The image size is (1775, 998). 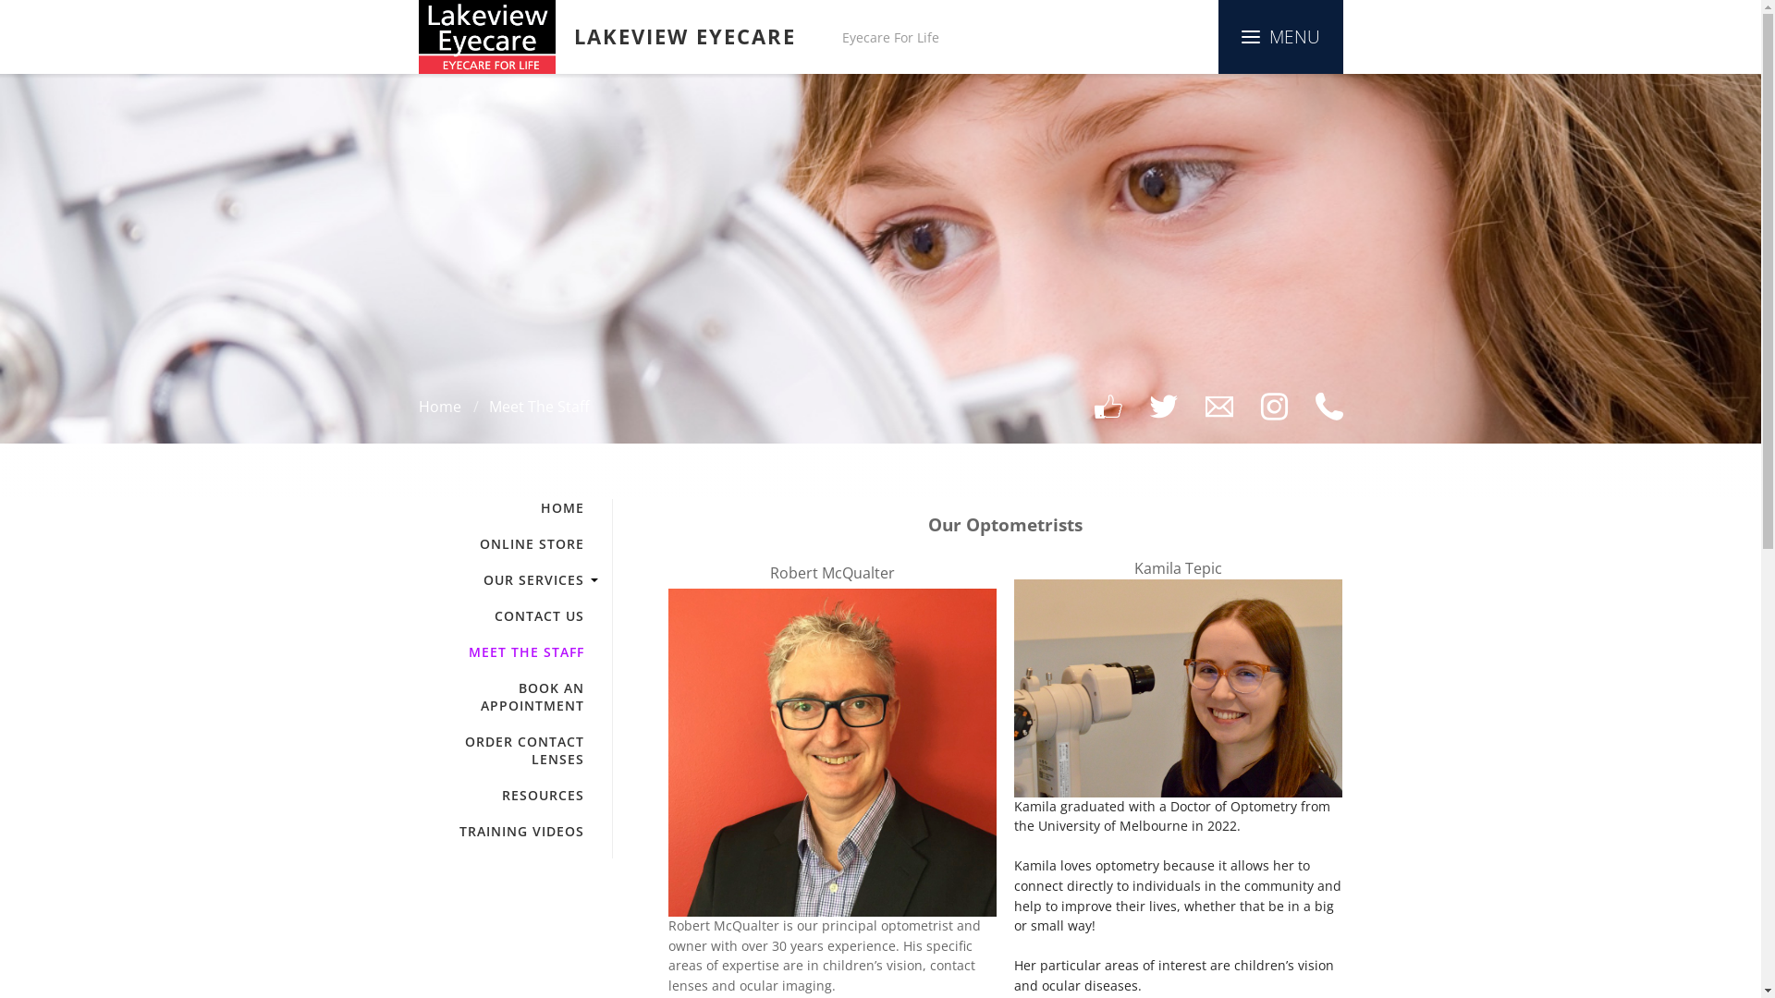 I want to click on 'OUR SERVICES', so click(x=416, y=578).